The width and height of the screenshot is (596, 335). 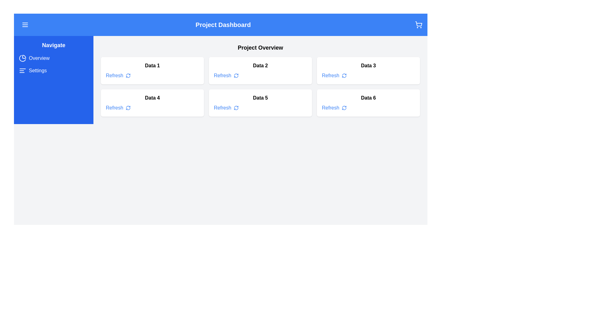 What do you see at coordinates (24, 57) in the screenshot?
I see `the decorative icon component next to the 'Overview' menu item in the left navigation bar under the 'Navigate' header` at bounding box center [24, 57].